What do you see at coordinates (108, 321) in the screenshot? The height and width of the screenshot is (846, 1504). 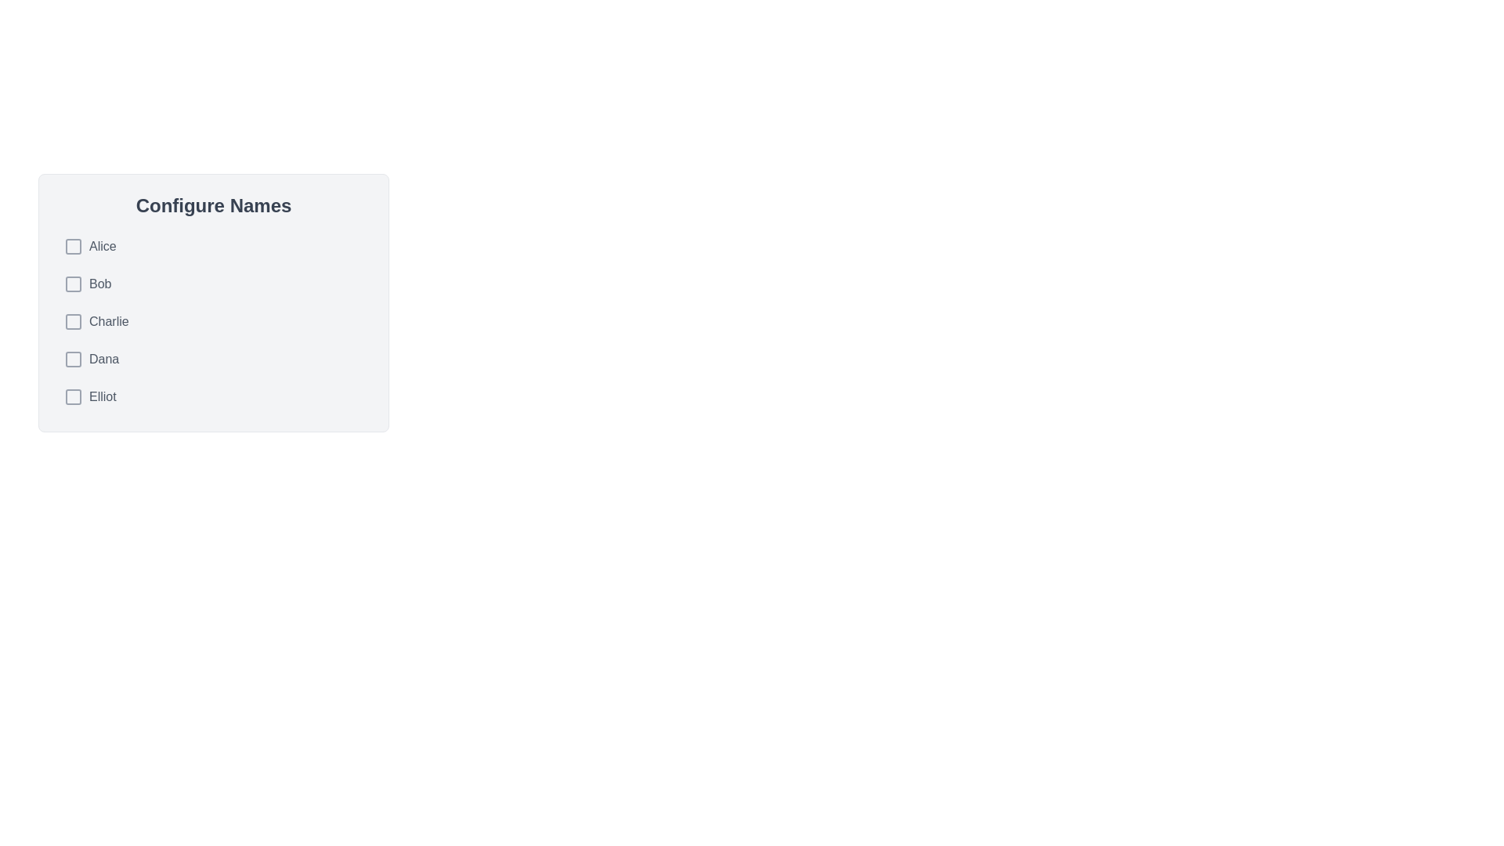 I see `the descriptive label for the checkbox associated with the option 'Charlie', which is the third item in a vertical list of checkbox and label pairs` at bounding box center [108, 321].